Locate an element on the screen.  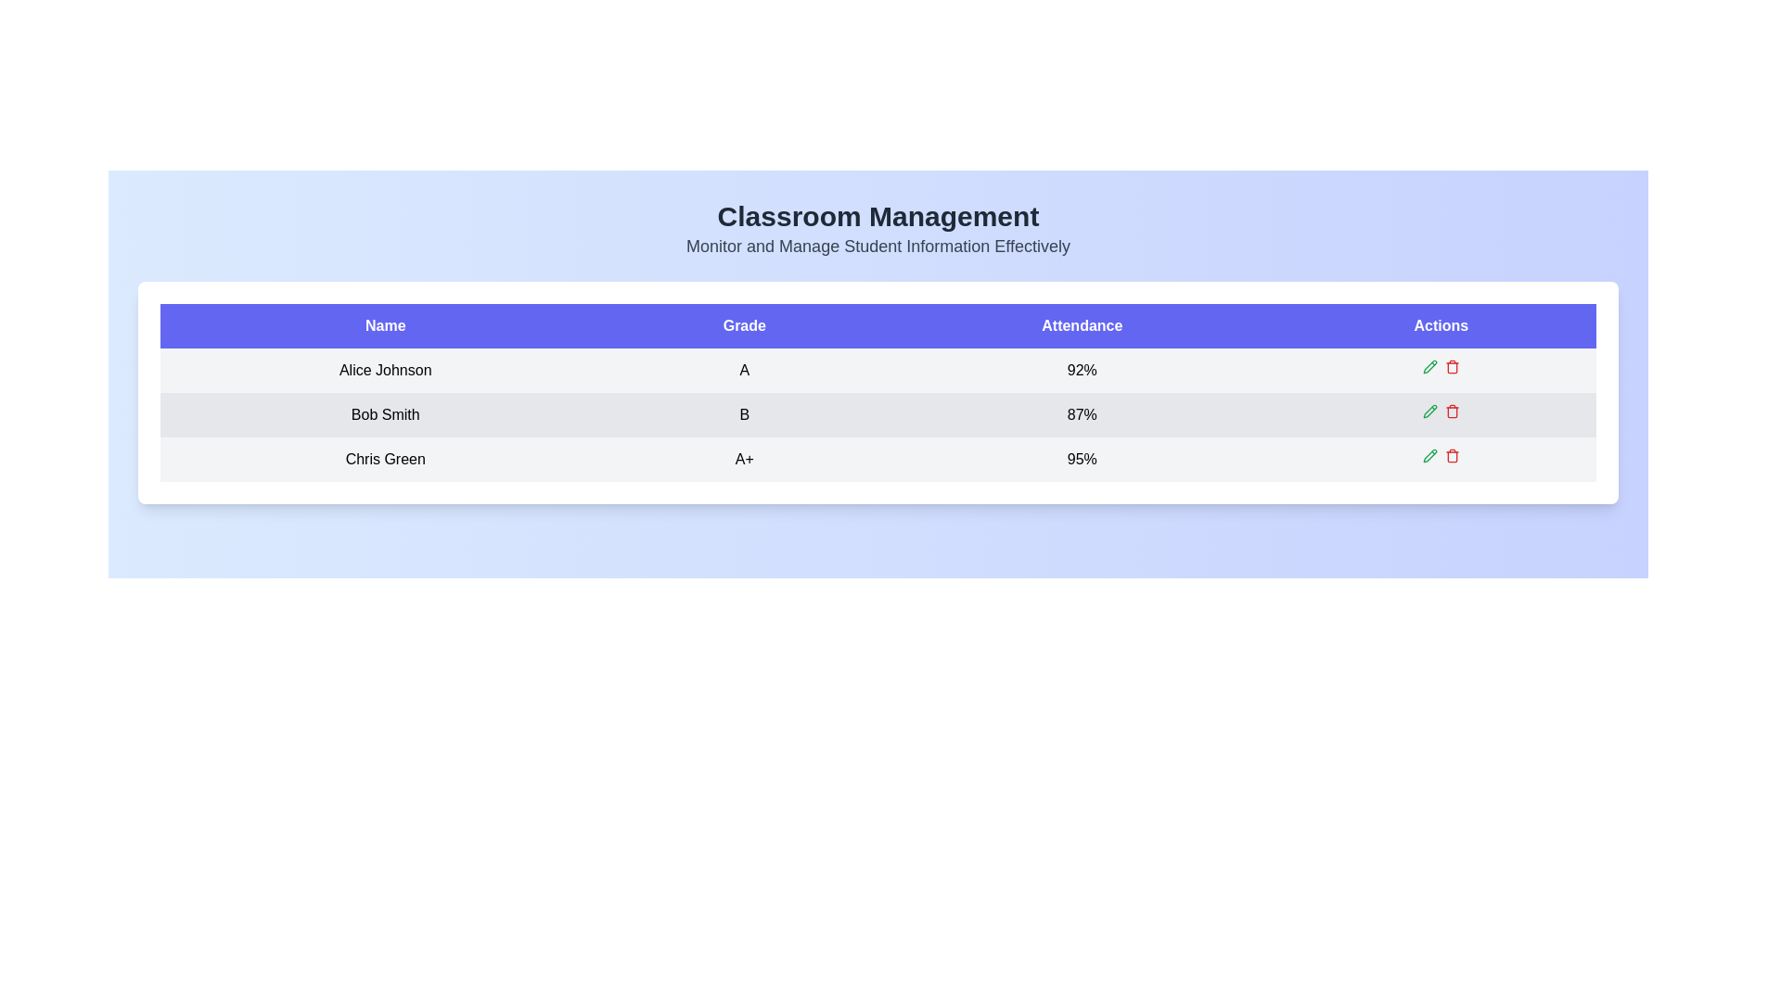
the bold character 'B' in the light grey rectangular cell under the 'Grade' column for the student 'Bob Smith', located in the second row of the table is located at coordinates (744, 413).